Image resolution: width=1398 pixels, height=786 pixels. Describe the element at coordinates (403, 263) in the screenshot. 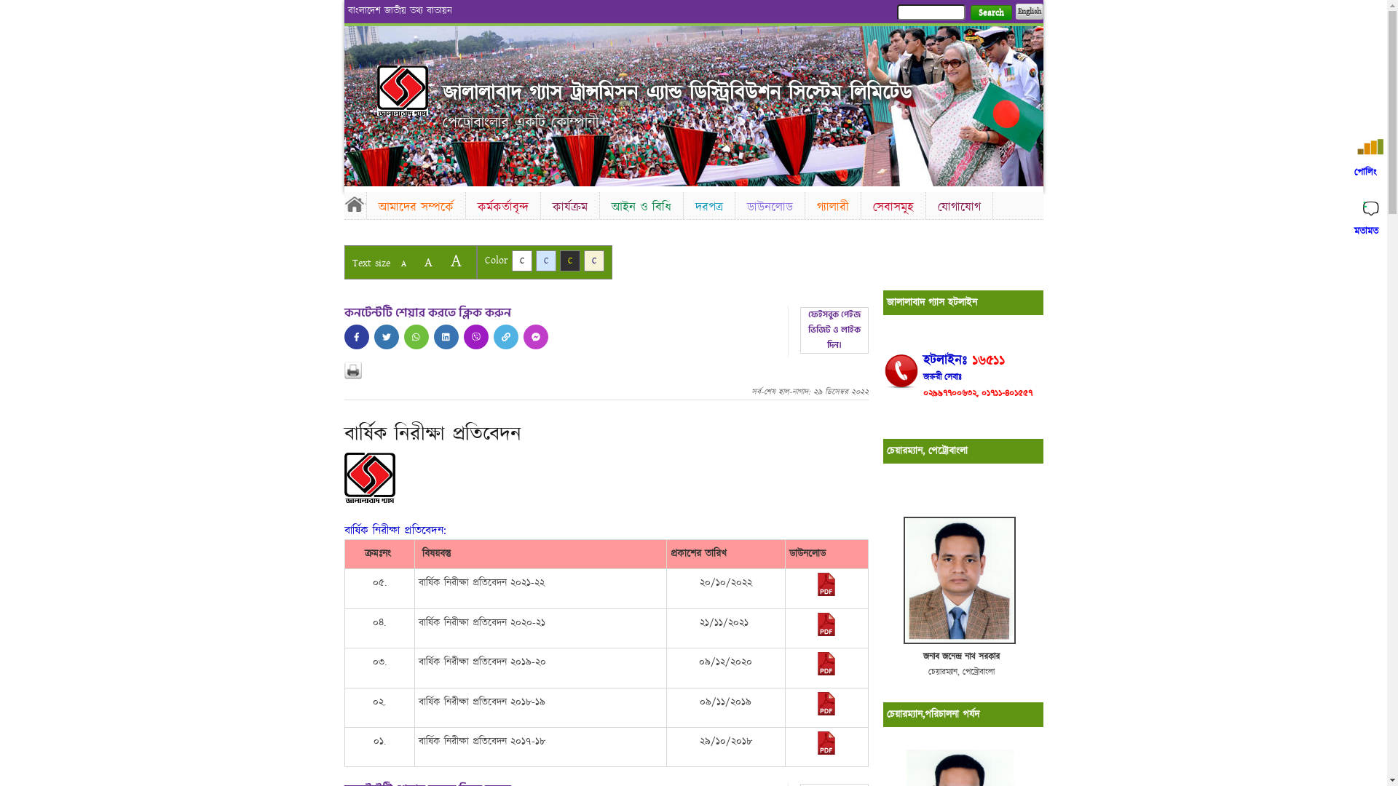

I see `'A'` at that location.